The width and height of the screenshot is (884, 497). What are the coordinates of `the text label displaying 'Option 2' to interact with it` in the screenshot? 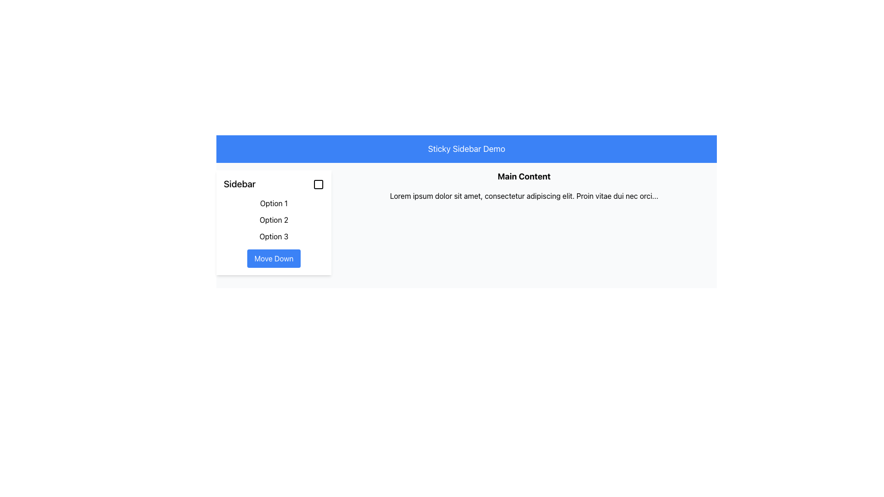 It's located at (273, 220).